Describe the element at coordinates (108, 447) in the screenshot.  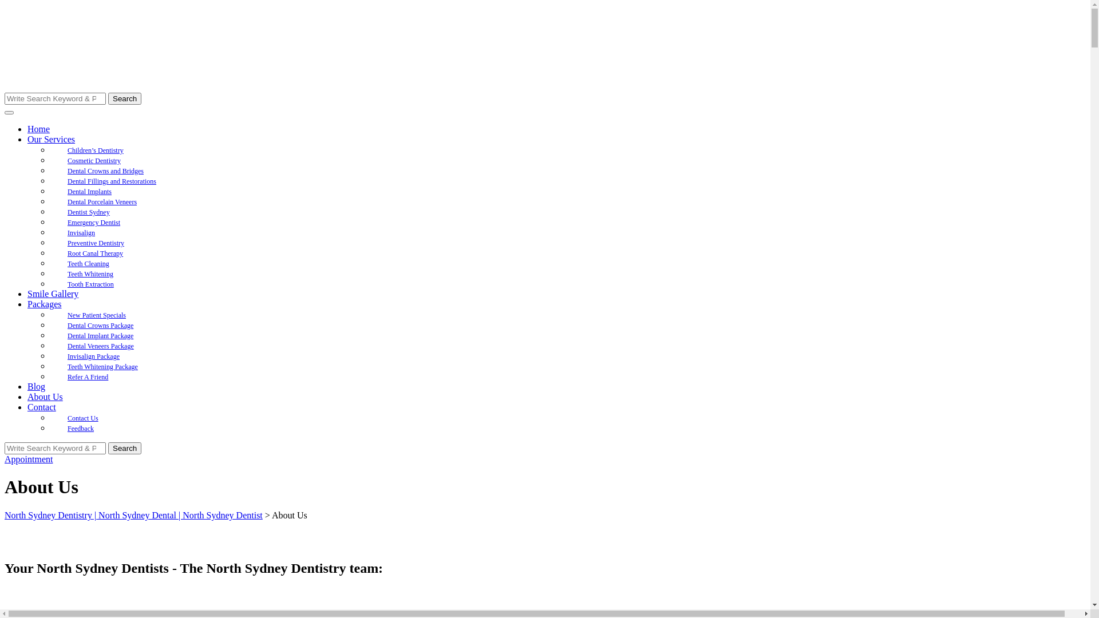
I see `'Search'` at that location.